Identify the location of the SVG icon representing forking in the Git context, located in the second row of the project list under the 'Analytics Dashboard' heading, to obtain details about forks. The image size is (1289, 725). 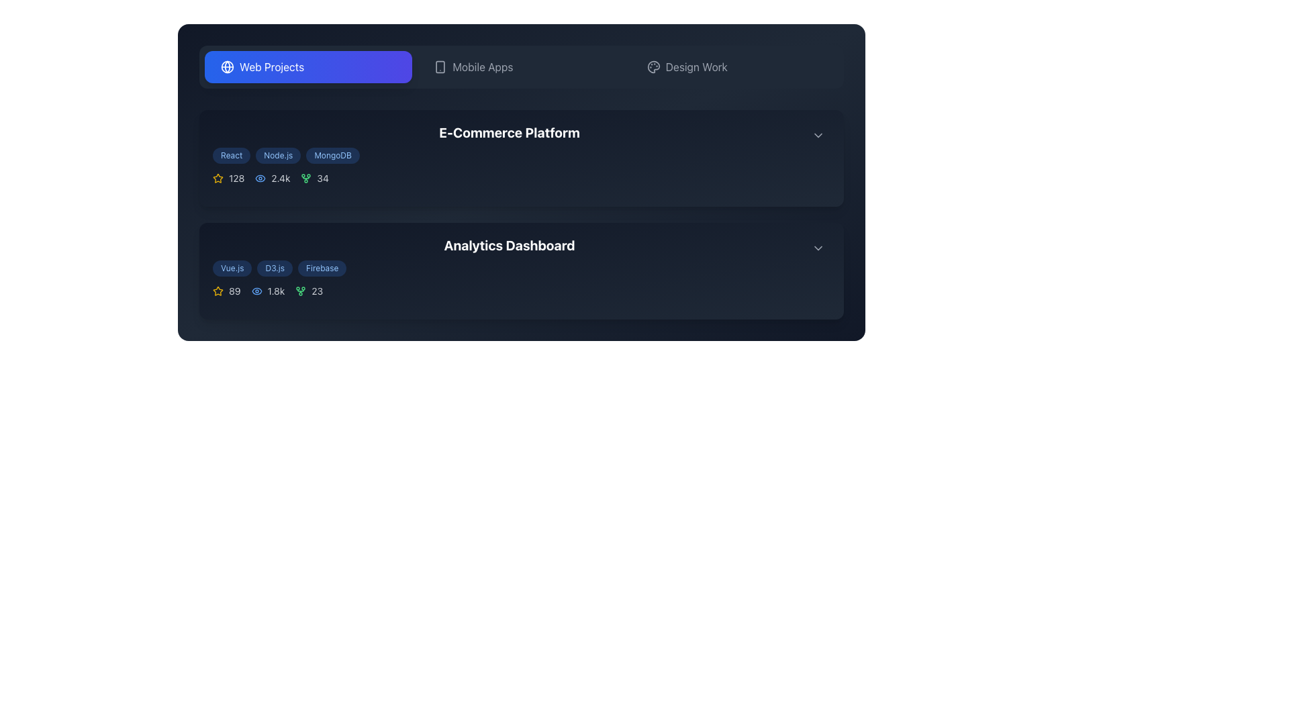
(300, 291).